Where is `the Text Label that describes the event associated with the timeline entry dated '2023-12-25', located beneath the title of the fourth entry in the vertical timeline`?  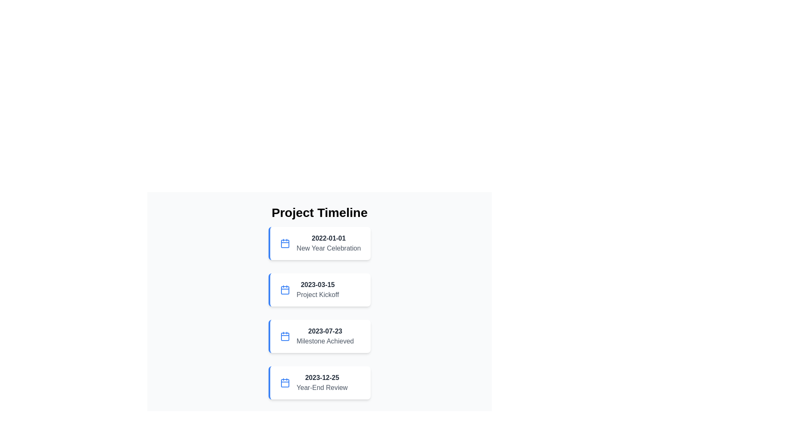
the Text Label that describes the event associated with the timeline entry dated '2023-12-25', located beneath the title of the fourth entry in the vertical timeline is located at coordinates (322, 387).